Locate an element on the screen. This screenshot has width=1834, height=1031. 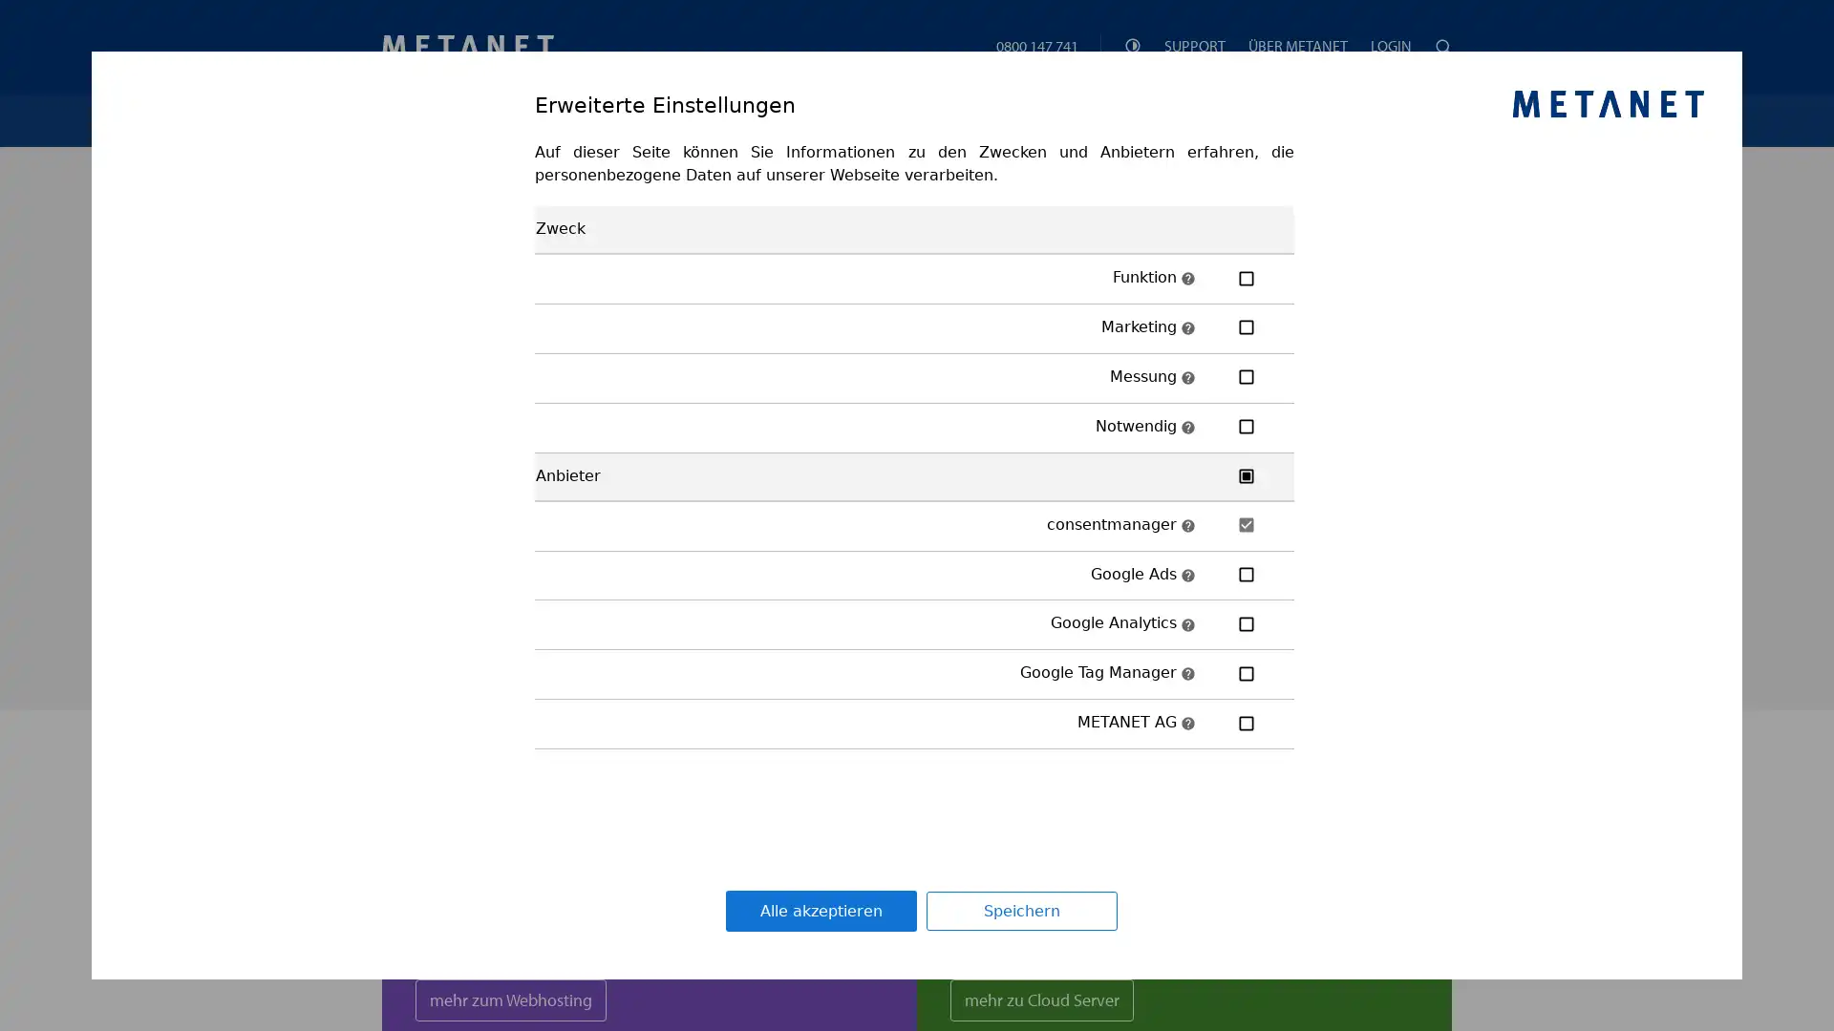
Alle akzeptieren is located at coordinates (821, 910).